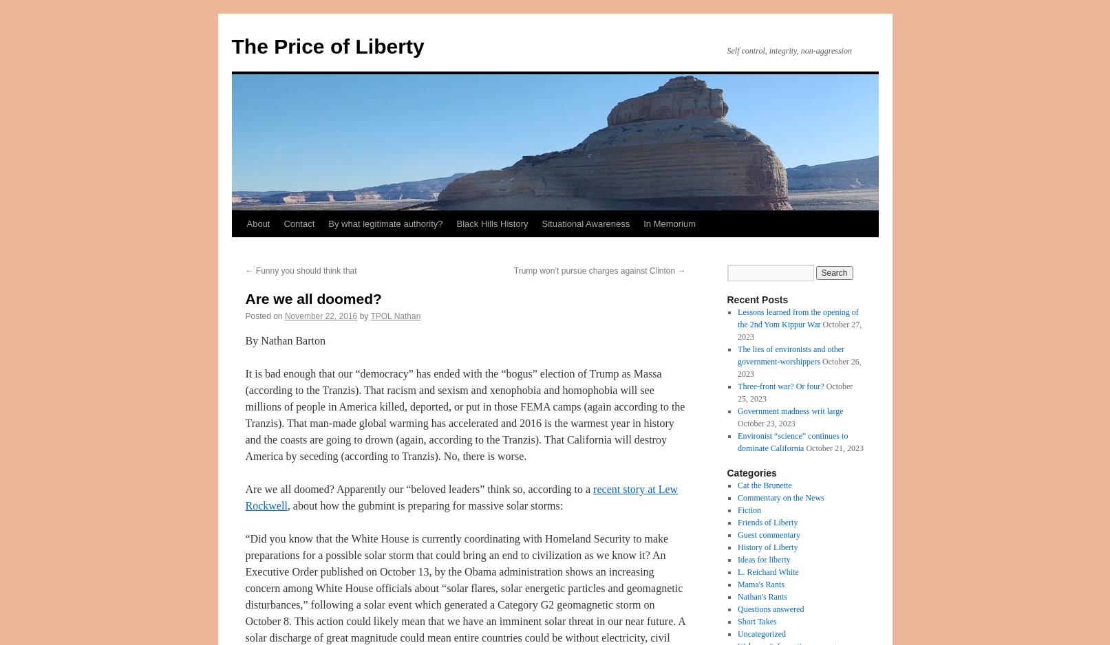  Describe the element at coordinates (320, 315) in the screenshot. I see `'November 22, 2016'` at that location.